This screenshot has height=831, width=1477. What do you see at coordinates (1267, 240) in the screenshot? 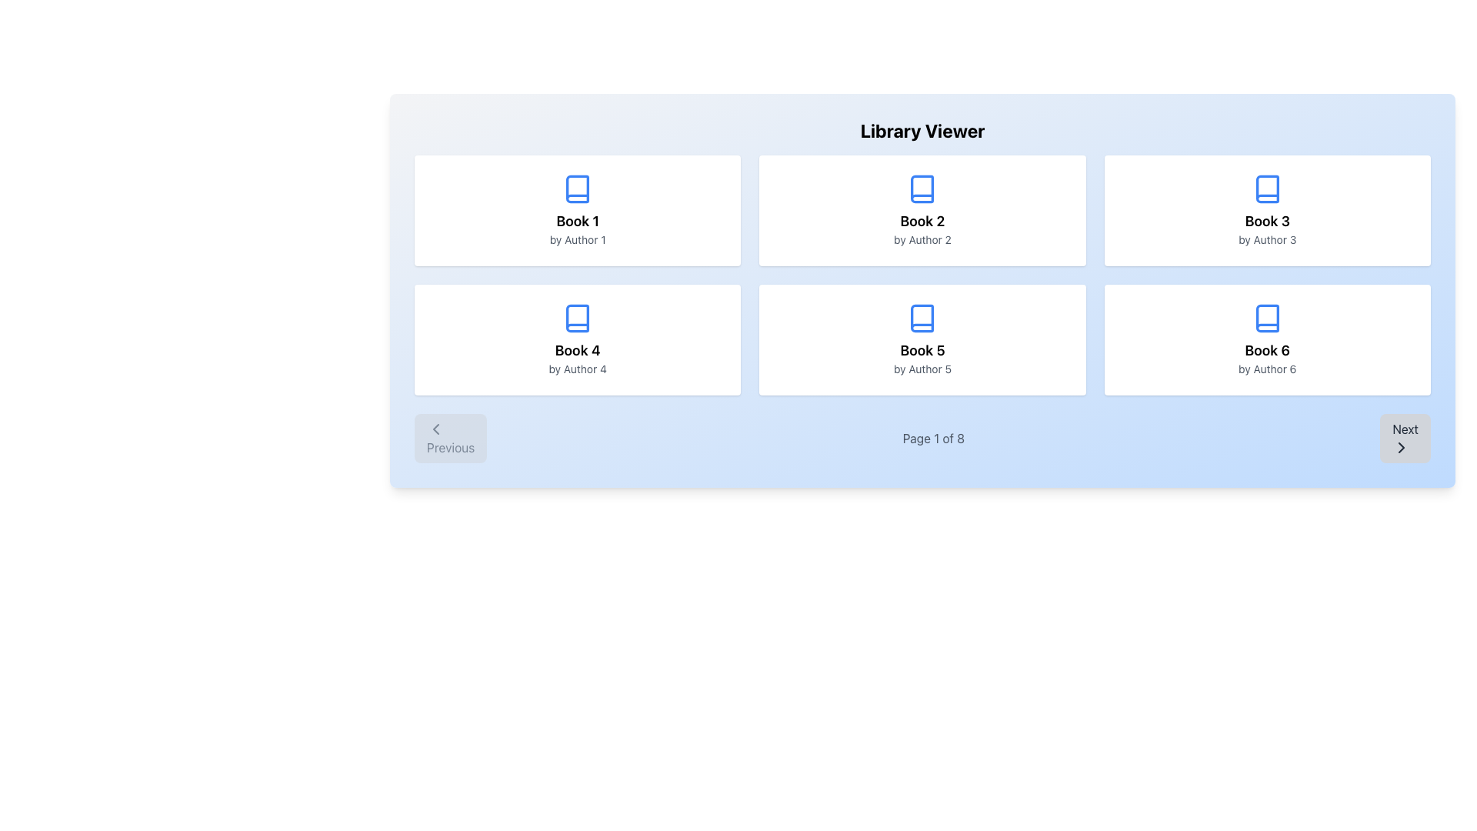
I see `the text label displaying 'by Author 3' located at the bottom of the card for 'Book 3' in the Library Viewer` at bounding box center [1267, 240].